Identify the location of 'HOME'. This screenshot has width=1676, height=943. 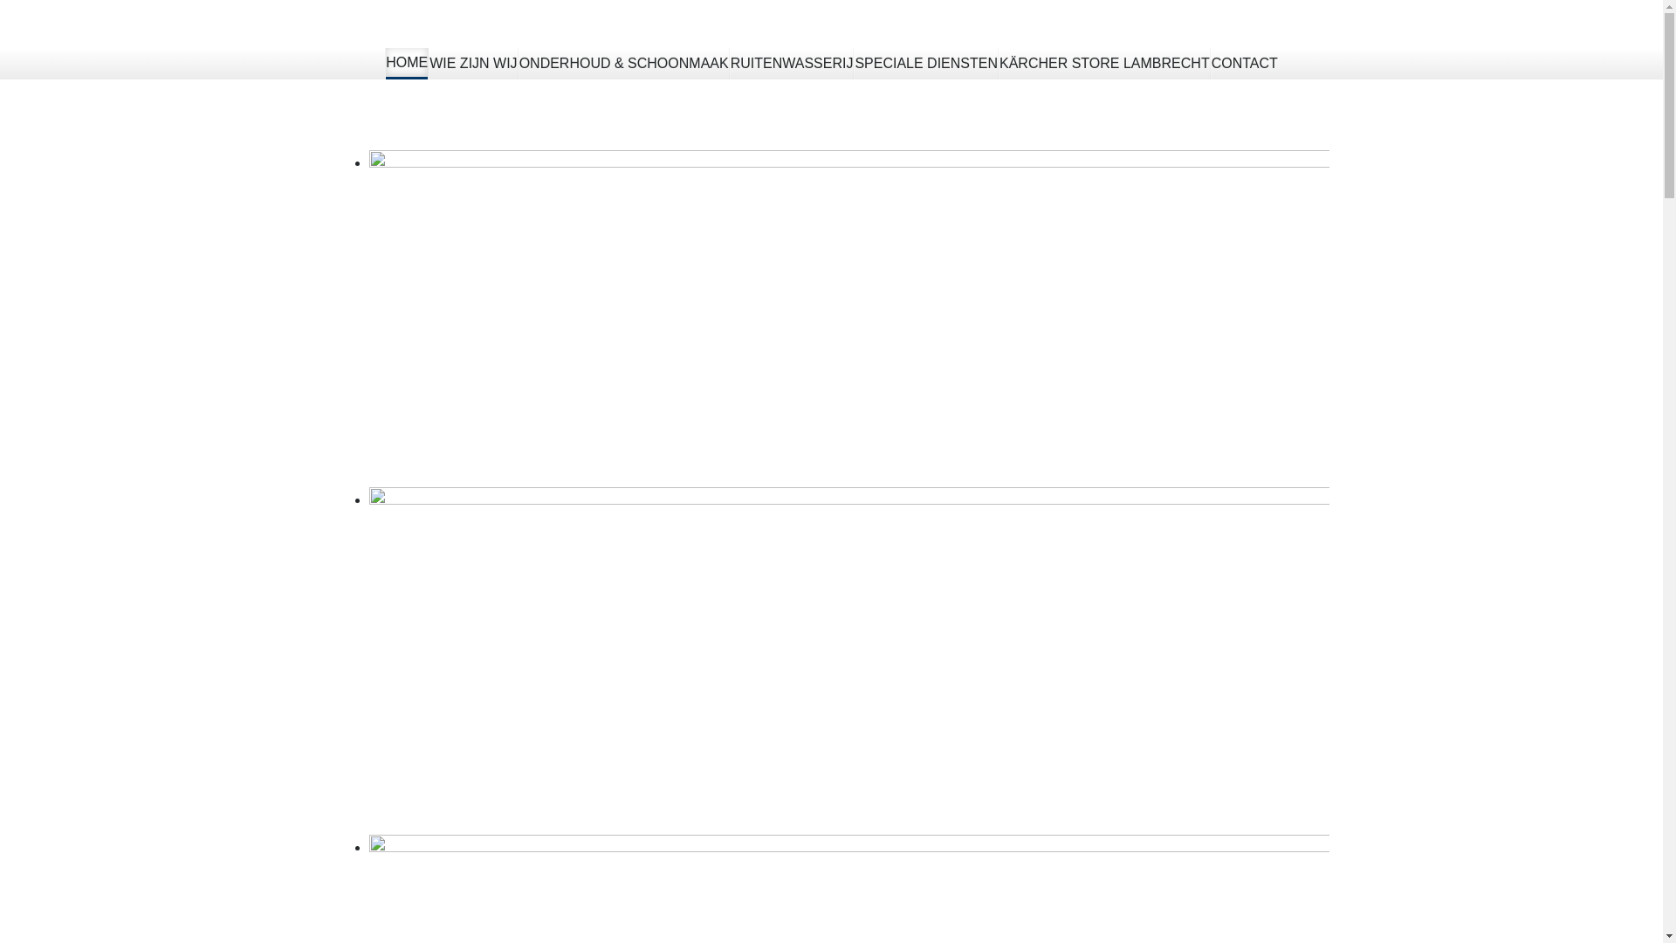
(405, 63).